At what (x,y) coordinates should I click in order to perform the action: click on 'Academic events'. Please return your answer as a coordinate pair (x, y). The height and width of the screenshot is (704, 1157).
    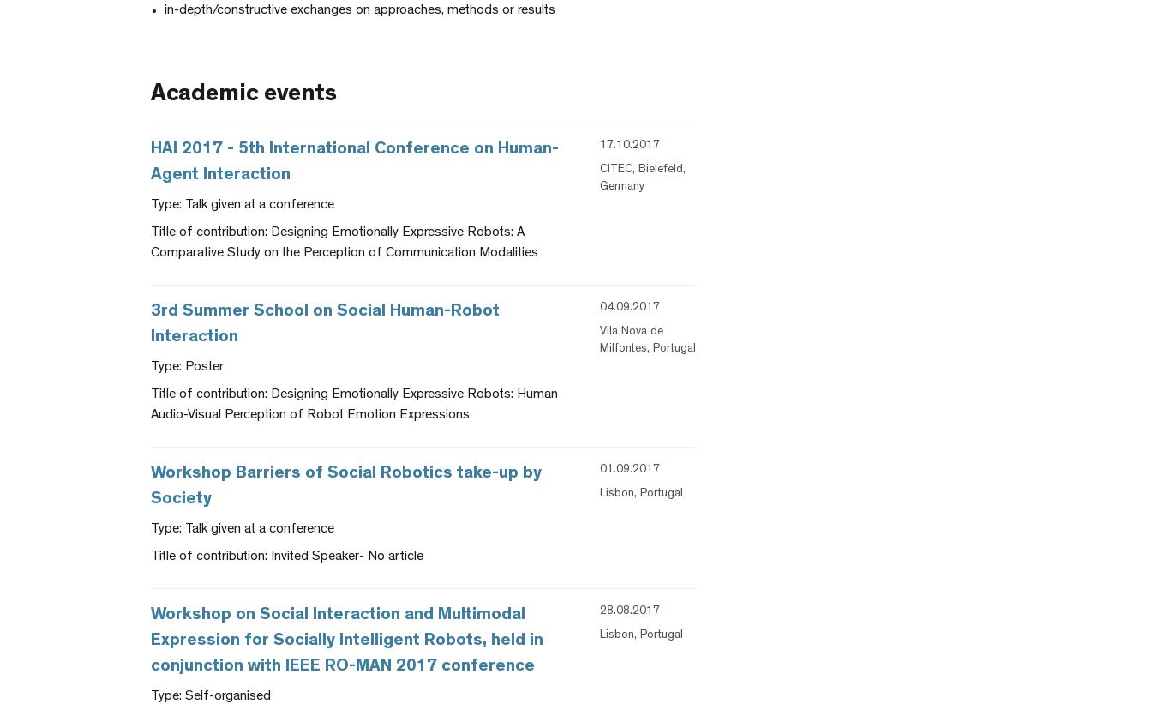
    Looking at the image, I should click on (243, 94).